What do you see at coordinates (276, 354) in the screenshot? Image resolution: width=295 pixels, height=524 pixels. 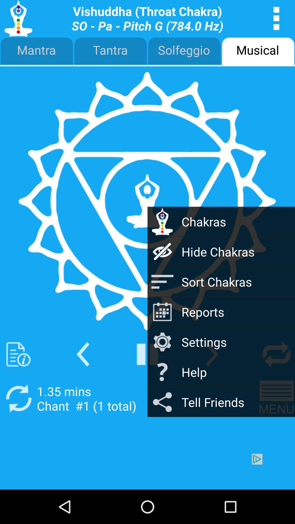 I see `setting` at bounding box center [276, 354].